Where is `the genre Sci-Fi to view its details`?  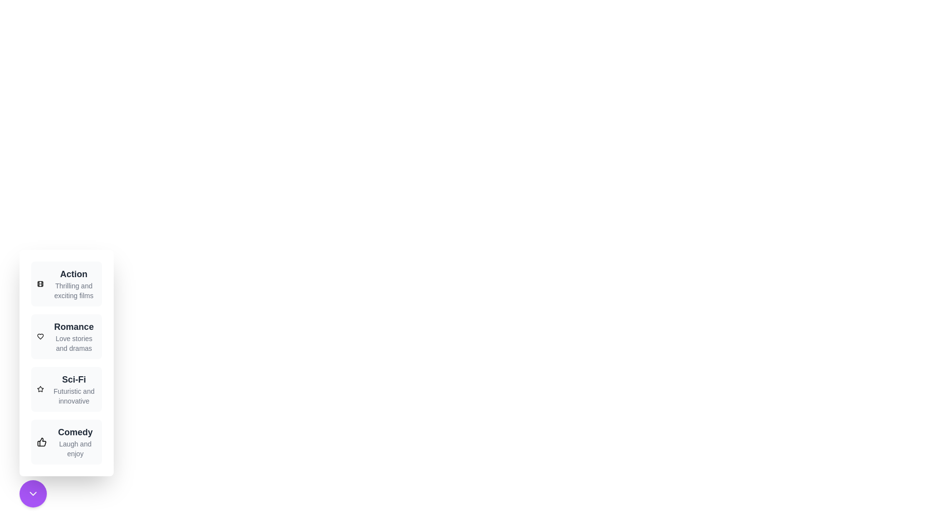 the genre Sci-Fi to view its details is located at coordinates (65, 389).